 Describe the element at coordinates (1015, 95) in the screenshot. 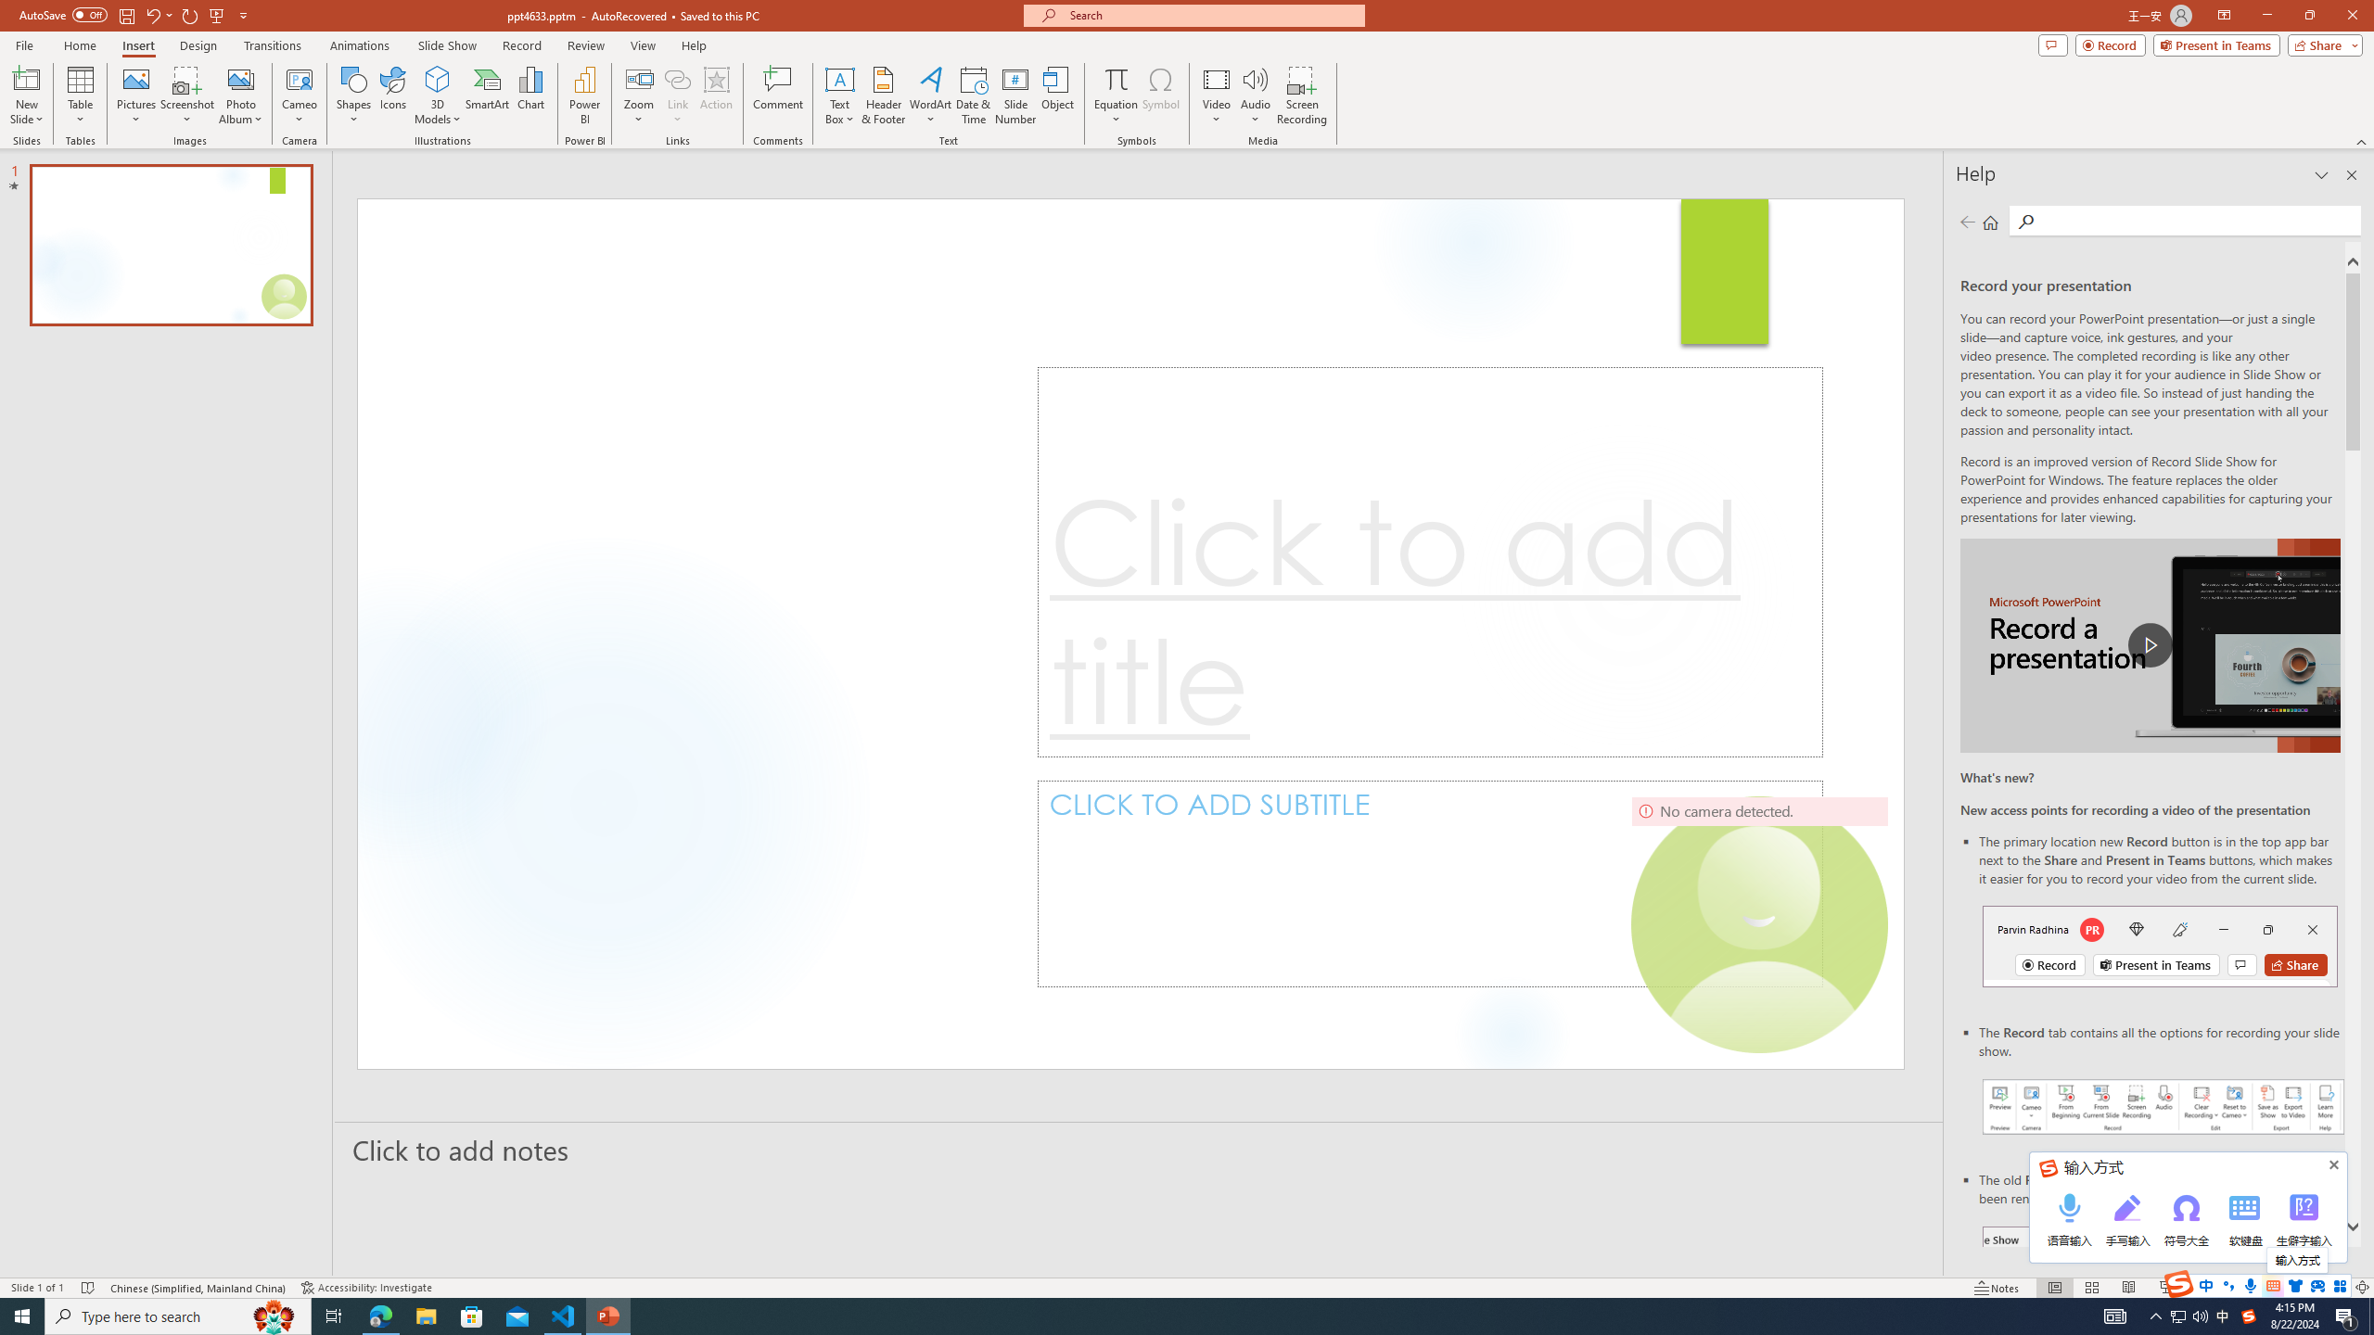

I see `'Slide Number'` at that location.